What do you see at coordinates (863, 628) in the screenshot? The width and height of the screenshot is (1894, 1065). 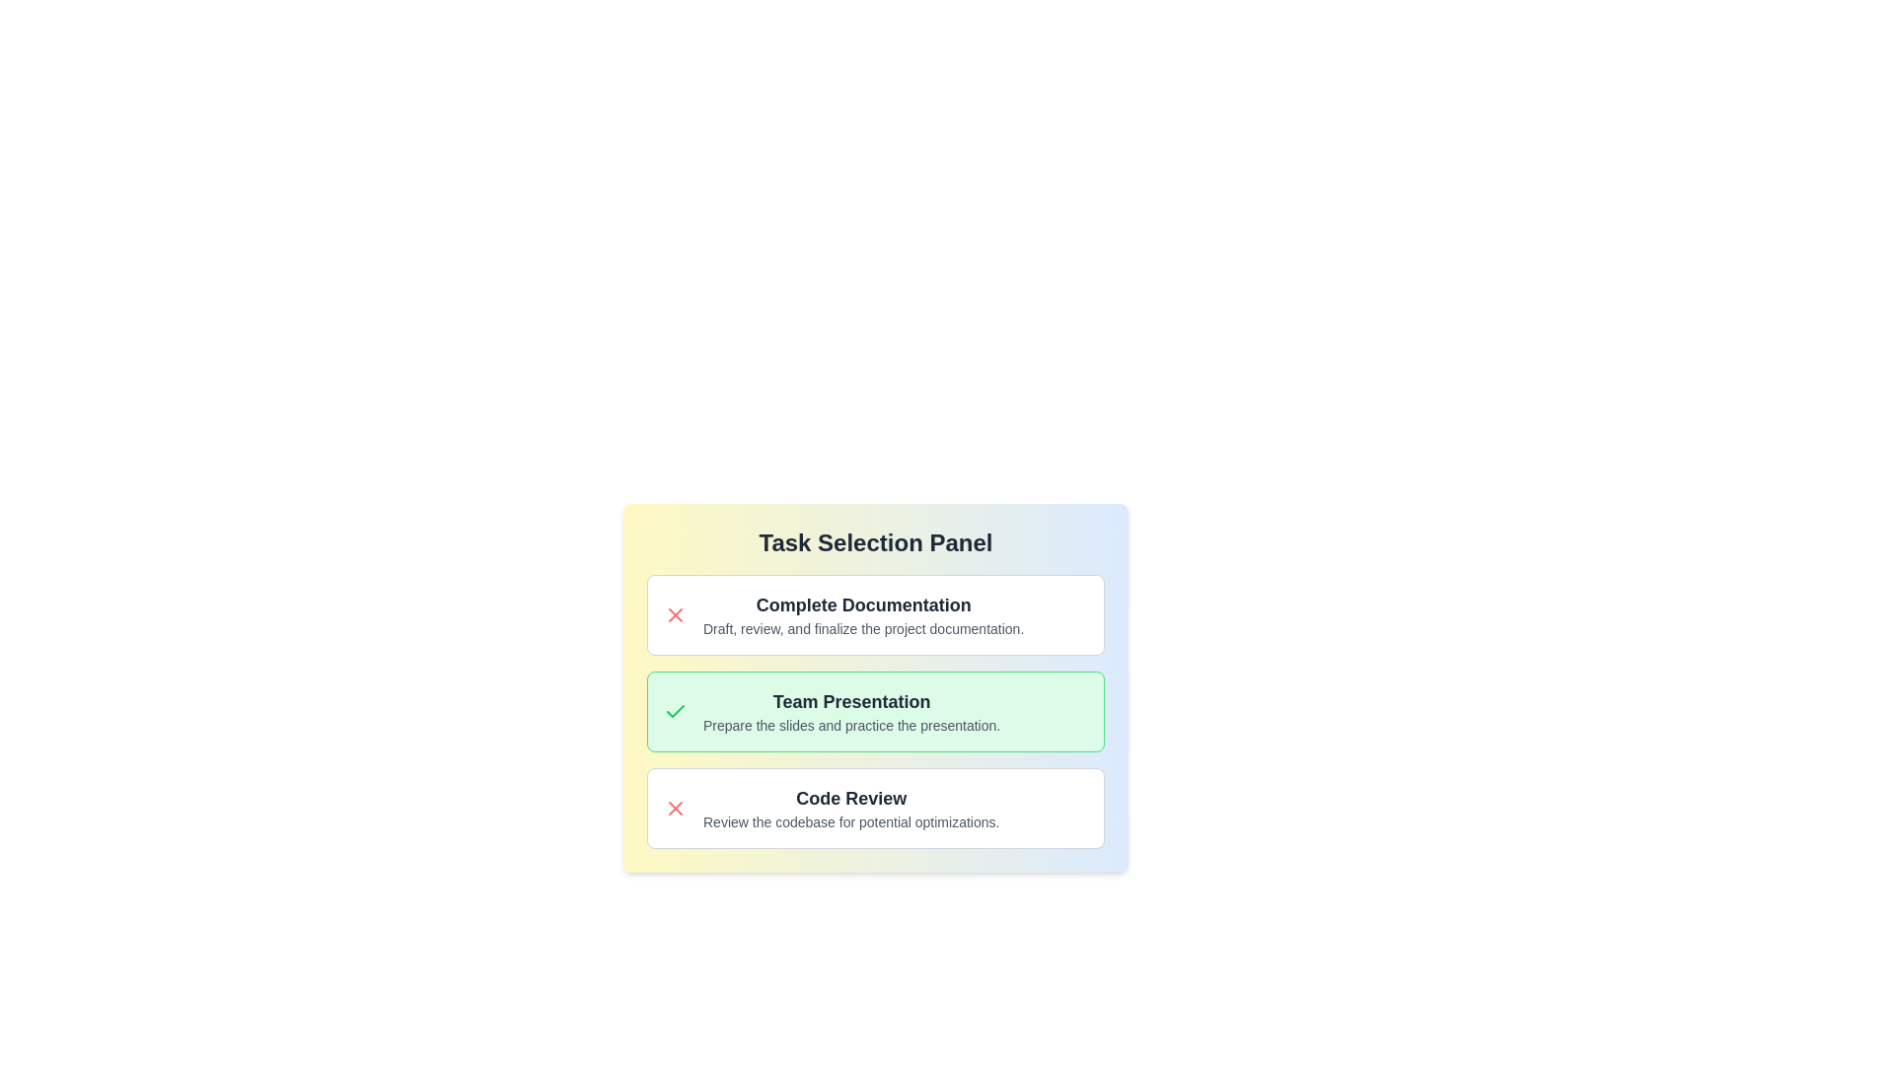 I see `the text label stating 'Draft, review, and finalize the project documentation.' located below the title in the 'Complete Documentation' section` at bounding box center [863, 628].